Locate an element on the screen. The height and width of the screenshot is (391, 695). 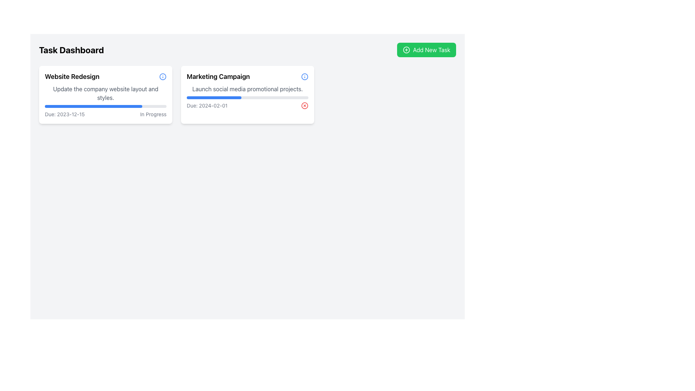
the text label displaying 'Website Redesign' located at the top-left corner of the task card in the dashboard is located at coordinates (72, 77).